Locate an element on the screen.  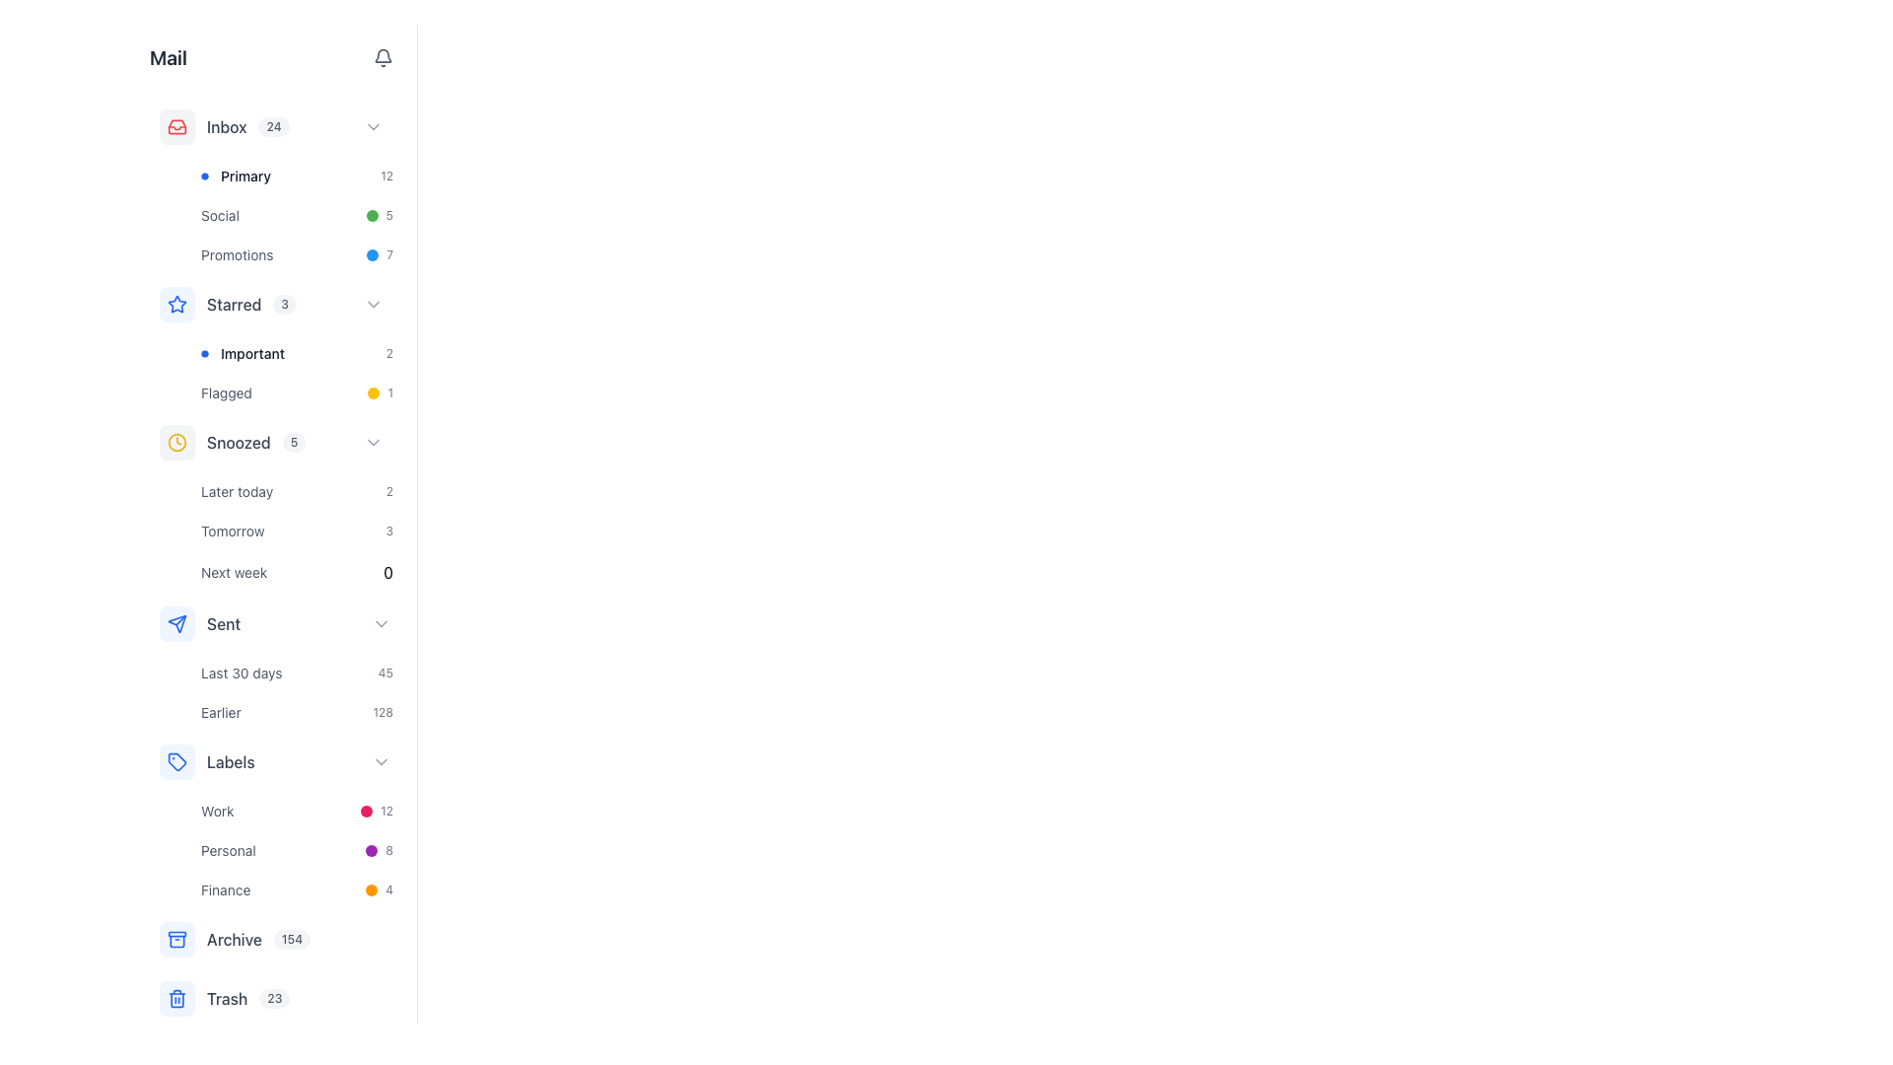
the static label displaying the numeral '1' in a gray-colored font, which is positioned to the right of a circular icon with a yellow background in the sidebar navigation interface under the 'Flagged' label is located at coordinates (390, 392).